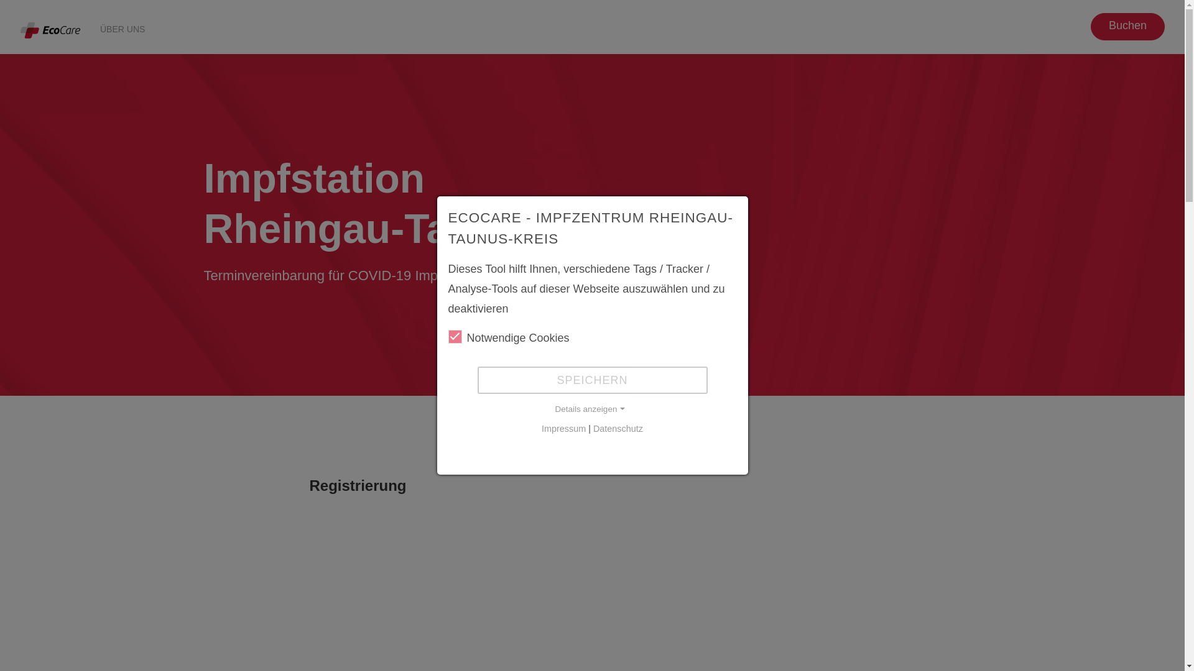 The width and height of the screenshot is (1194, 671). What do you see at coordinates (50, 29) in the screenshot?
I see `'Home'` at bounding box center [50, 29].